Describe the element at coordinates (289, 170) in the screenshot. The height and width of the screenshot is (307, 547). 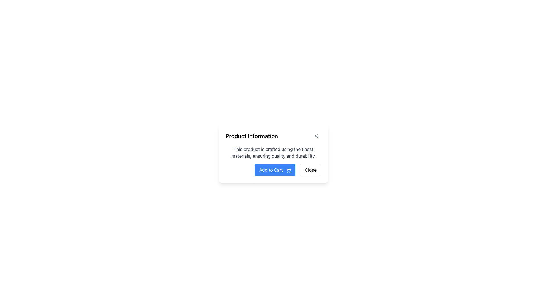
I see `the shopping cart icon located to the right of the 'Add to Cart' button in the modal dialog` at that location.